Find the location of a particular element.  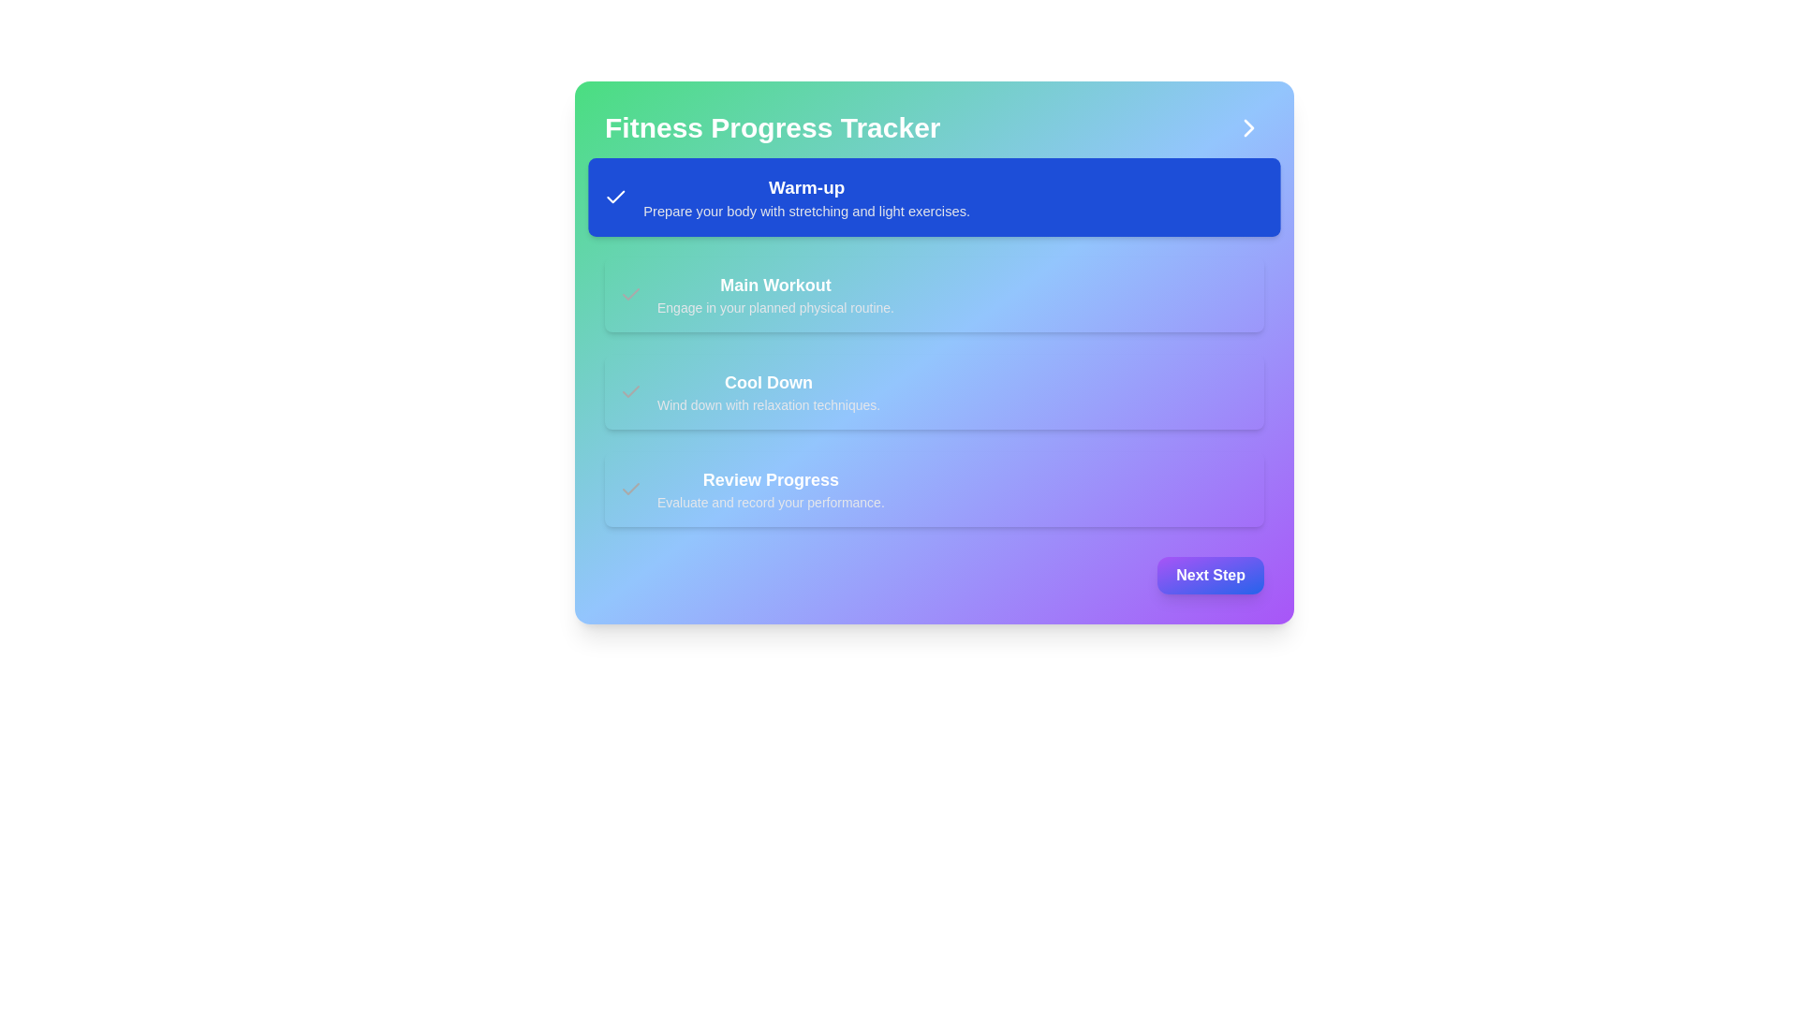

the Text Label providing guidance for the 'Main Workout' step in the interface, which is centrally positioned underneath the 'Main Workout' title is located at coordinates (775, 306).